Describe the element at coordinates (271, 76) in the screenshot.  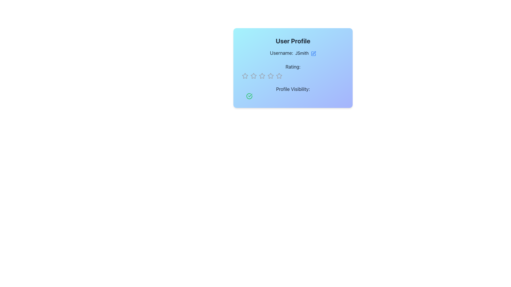
I see `the third star in the horizontal row of five rating stars for visual feedback` at that location.